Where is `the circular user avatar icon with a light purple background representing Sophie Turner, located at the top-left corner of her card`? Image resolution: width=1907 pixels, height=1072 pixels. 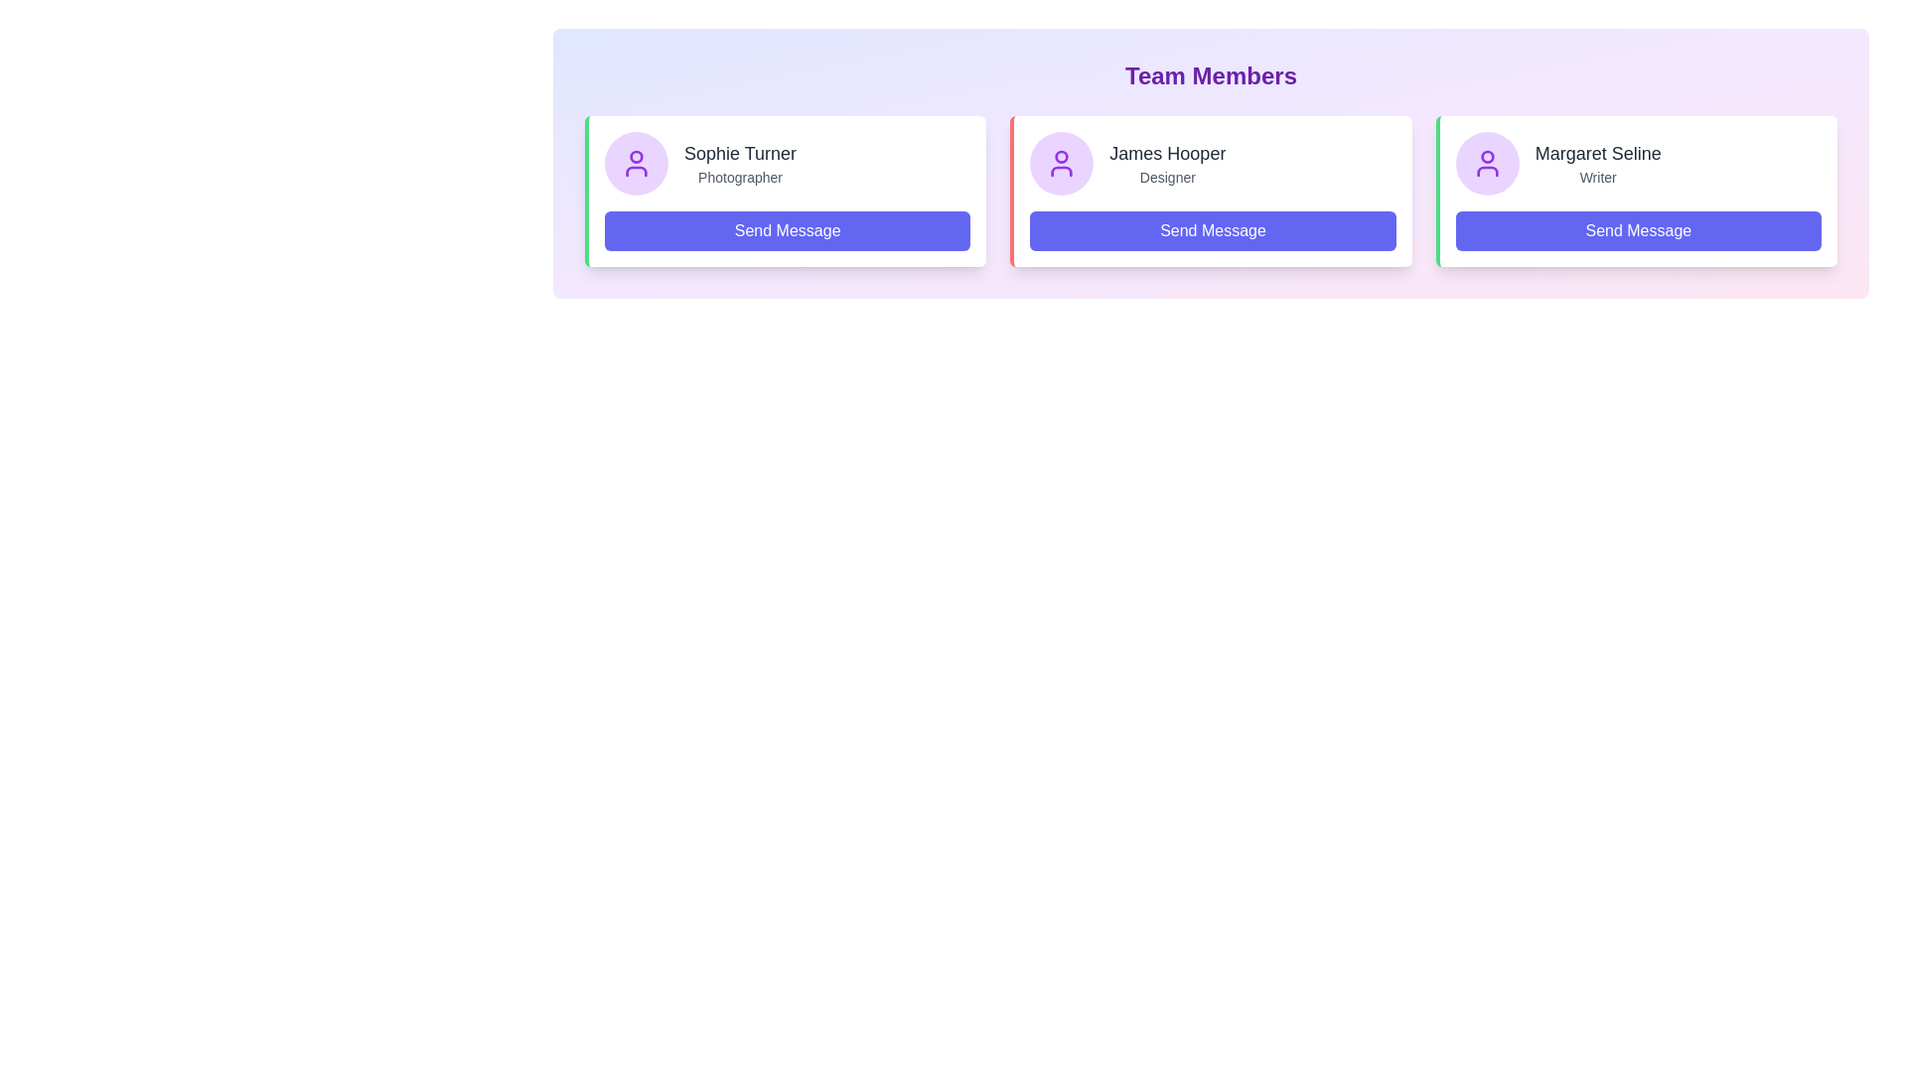 the circular user avatar icon with a light purple background representing Sophie Turner, located at the top-left corner of her card is located at coordinates (637, 163).